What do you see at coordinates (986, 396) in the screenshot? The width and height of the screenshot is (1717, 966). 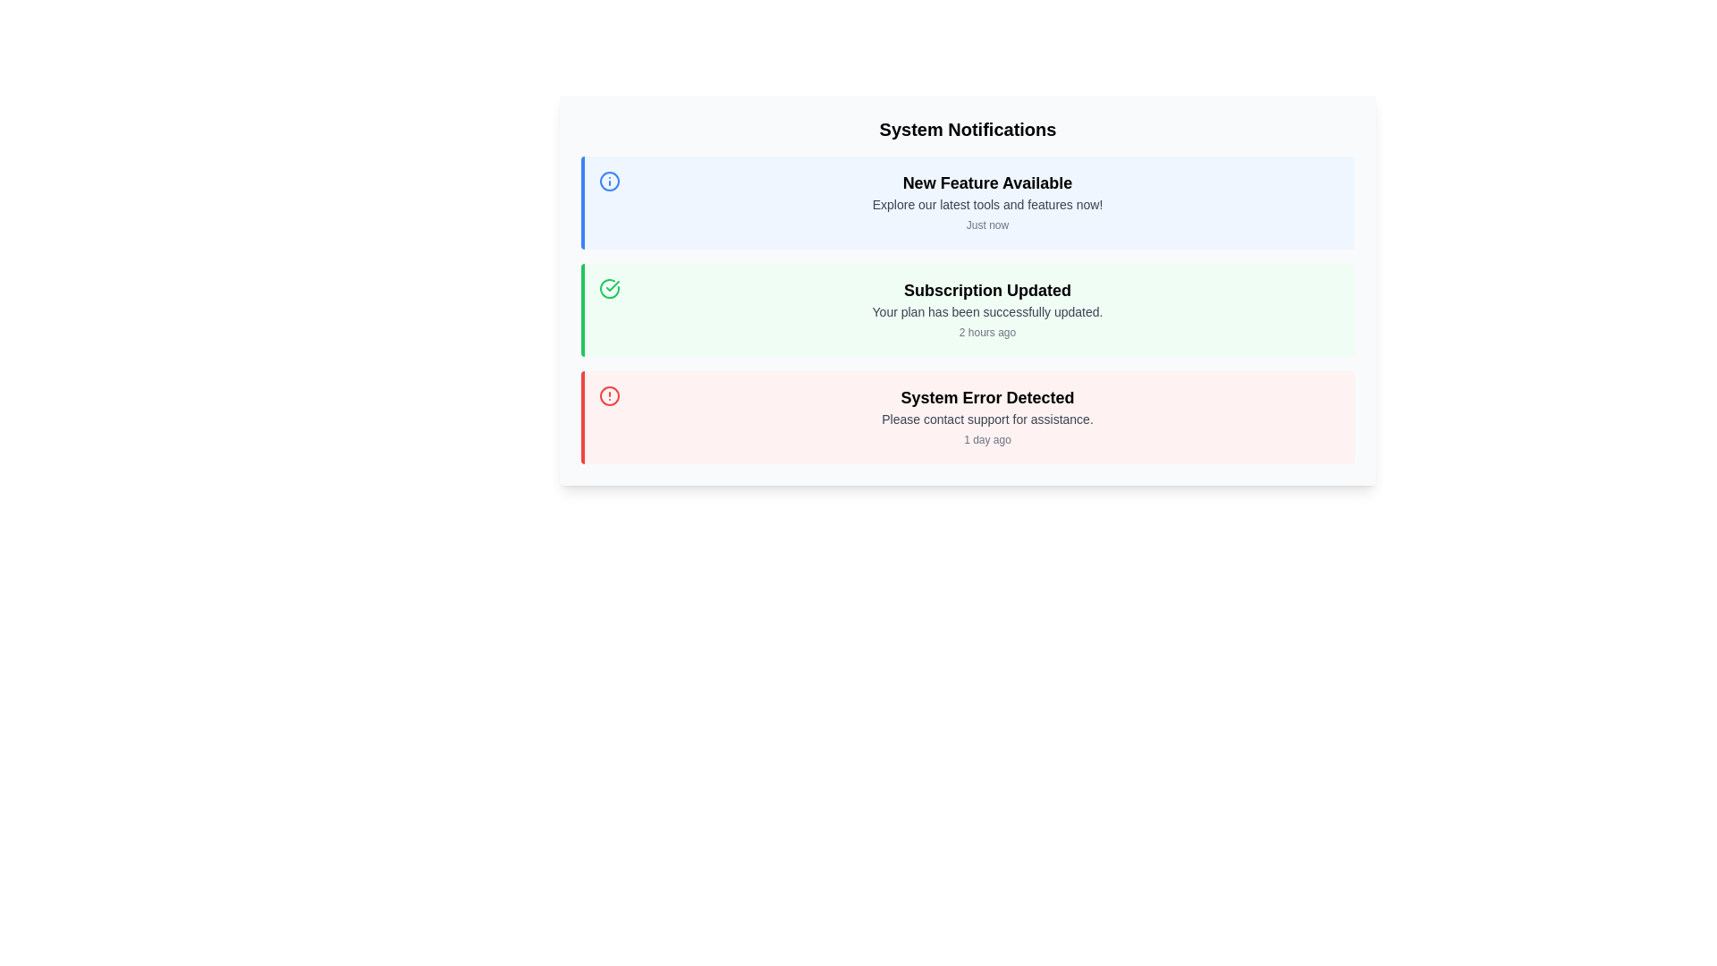 I see `the title text of the 'System Error Detected' notification block, which alerts the user to a system error` at bounding box center [986, 396].